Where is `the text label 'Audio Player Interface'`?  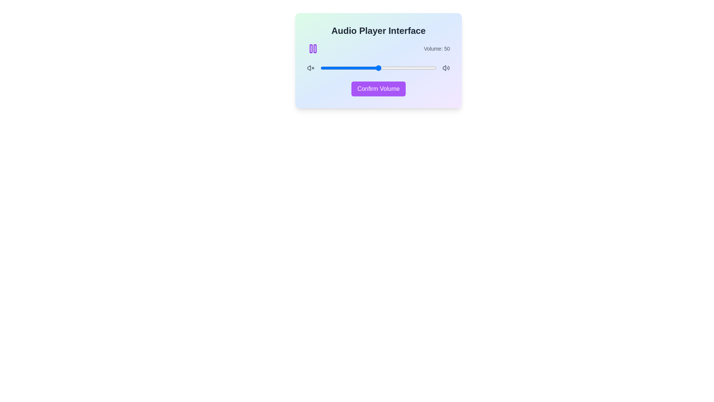 the text label 'Audio Player Interface' is located at coordinates (378, 31).